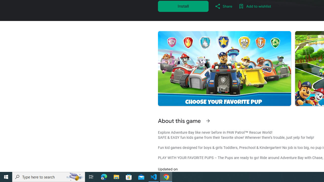  Describe the element at coordinates (183, 6) in the screenshot. I see `'Install'` at that location.